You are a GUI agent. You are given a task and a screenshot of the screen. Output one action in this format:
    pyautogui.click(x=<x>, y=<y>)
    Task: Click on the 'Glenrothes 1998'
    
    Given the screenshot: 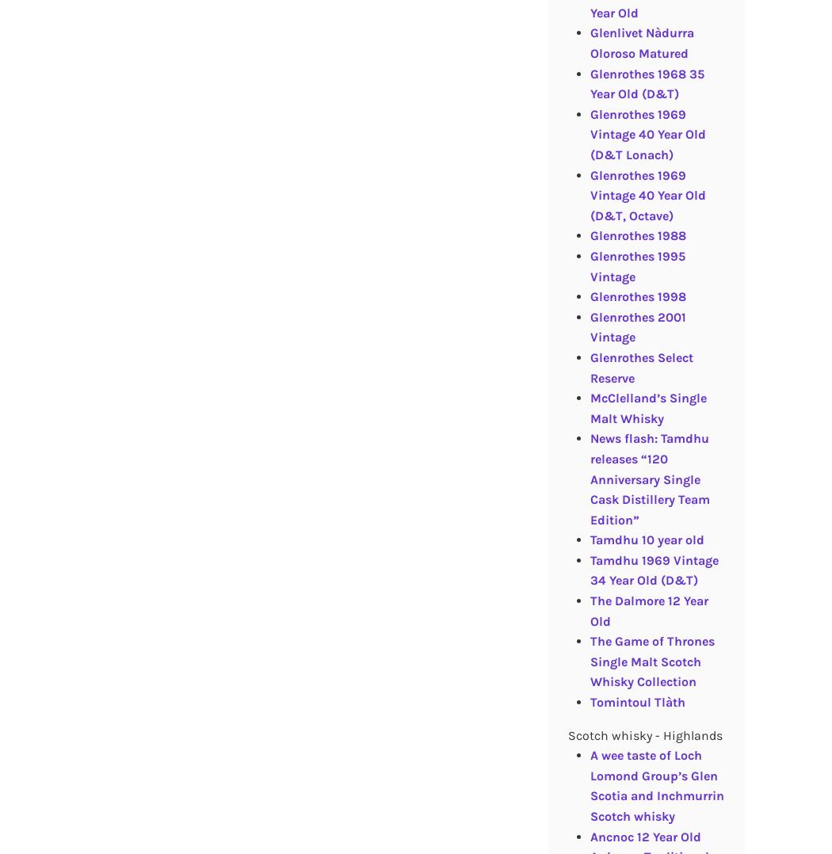 What is the action you would take?
    pyautogui.click(x=636, y=296)
    